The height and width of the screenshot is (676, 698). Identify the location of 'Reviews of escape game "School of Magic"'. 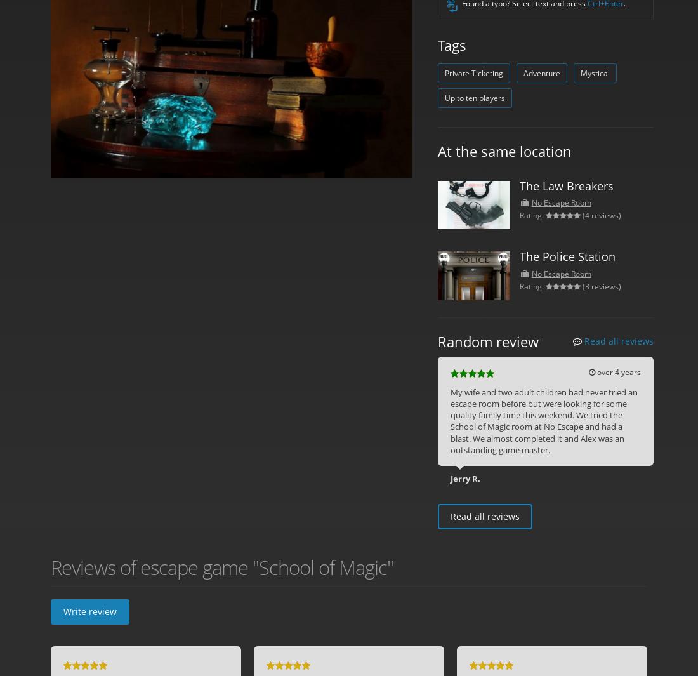
(222, 567).